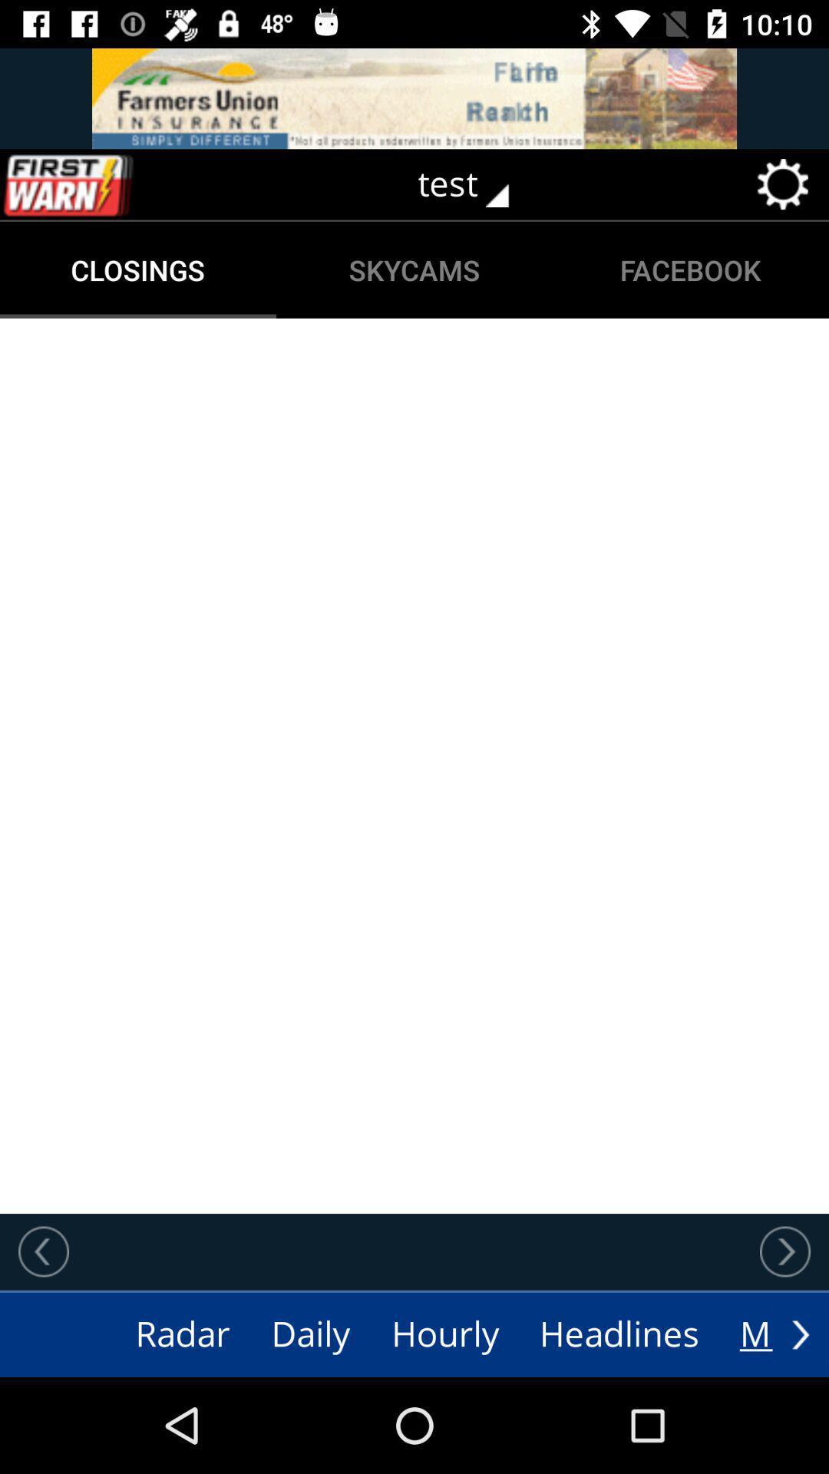 Image resolution: width=829 pixels, height=1474 pixels. Describe the element at coordinates (43, 1251) in the screenshot. I see `go back` at that location.